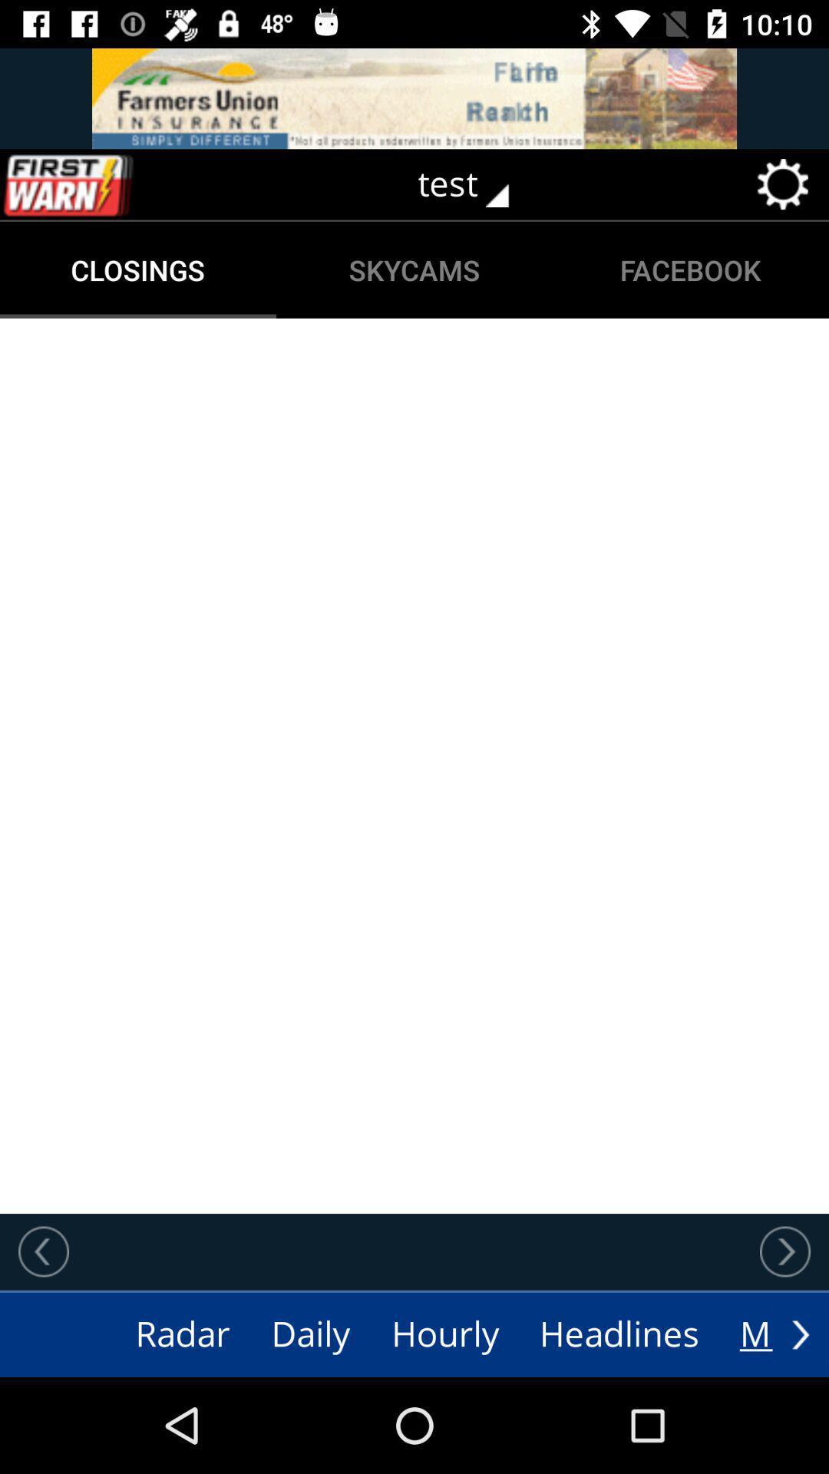 Image resolution: width=829 pixels, height=1474 pixels. Describe the element at coordinates (43, 1251) in the screenshot. I see `go back` at that location.